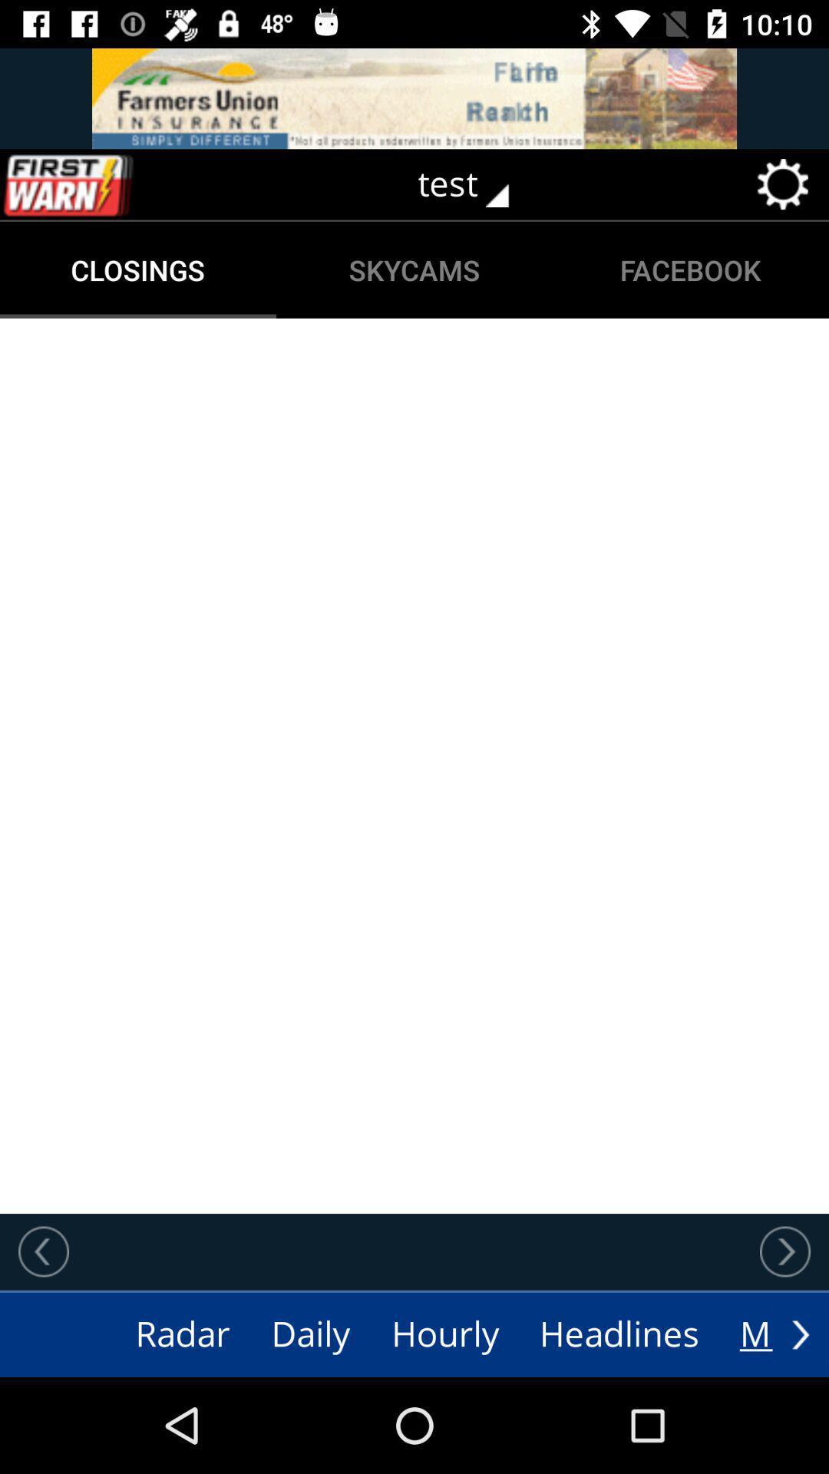 Image resolution: width=829 pixels, height=1474 pixels. Describe the element at coordinates (43, 1251) in the screenshot. I see `go back` at that location.